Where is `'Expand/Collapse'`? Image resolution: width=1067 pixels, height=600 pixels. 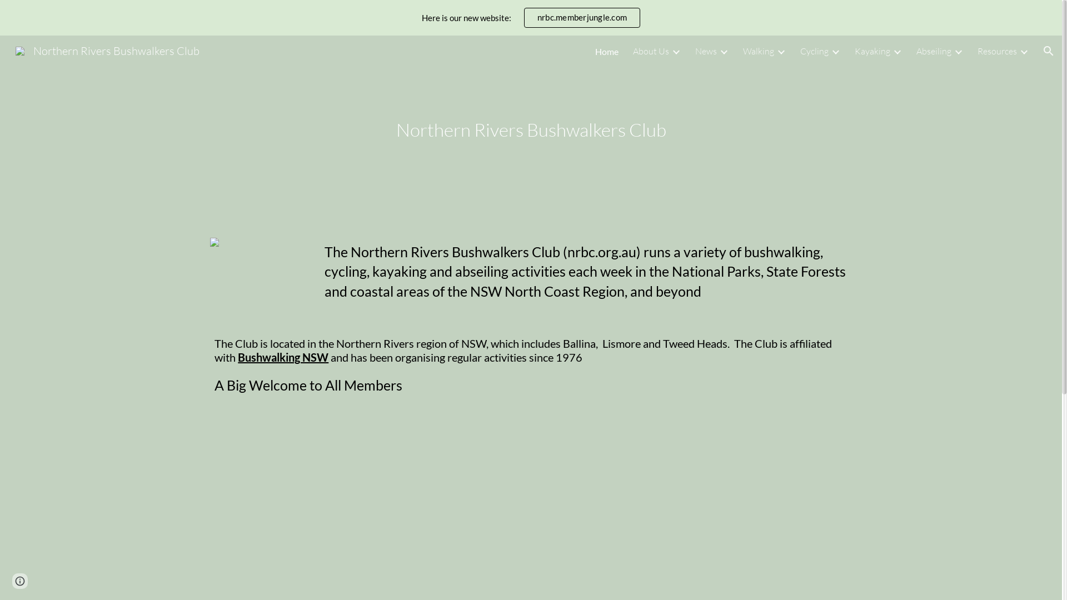 'Expand/Collapse' is located at coordinates (830, 51).